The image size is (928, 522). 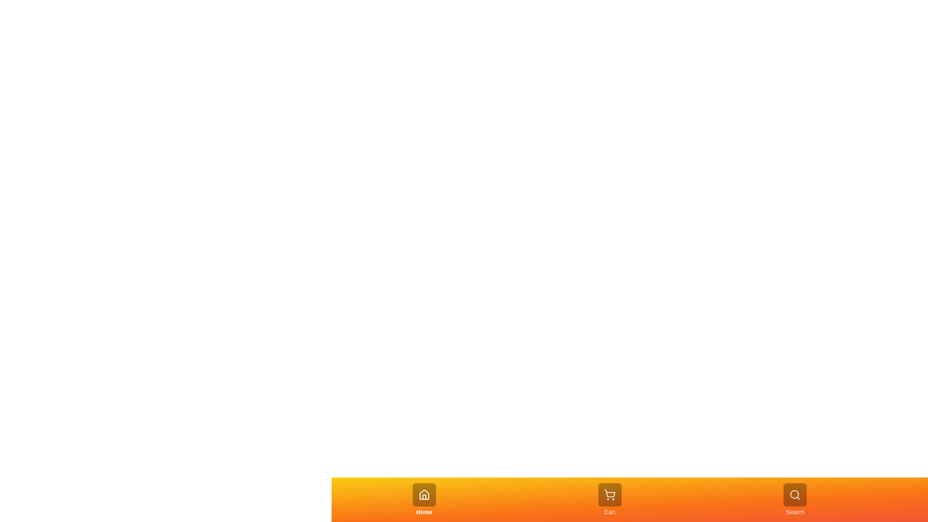 What do you see at coordinates (795, 499) in the screenshot?
I see `the 'Search' tab in the bottom navigation bar` at bounding box center [795, 499].